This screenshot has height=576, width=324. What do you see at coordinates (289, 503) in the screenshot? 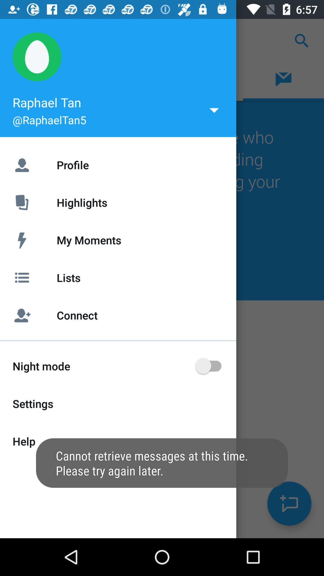
I see `the chat icon` at bounding box center [289, 503].